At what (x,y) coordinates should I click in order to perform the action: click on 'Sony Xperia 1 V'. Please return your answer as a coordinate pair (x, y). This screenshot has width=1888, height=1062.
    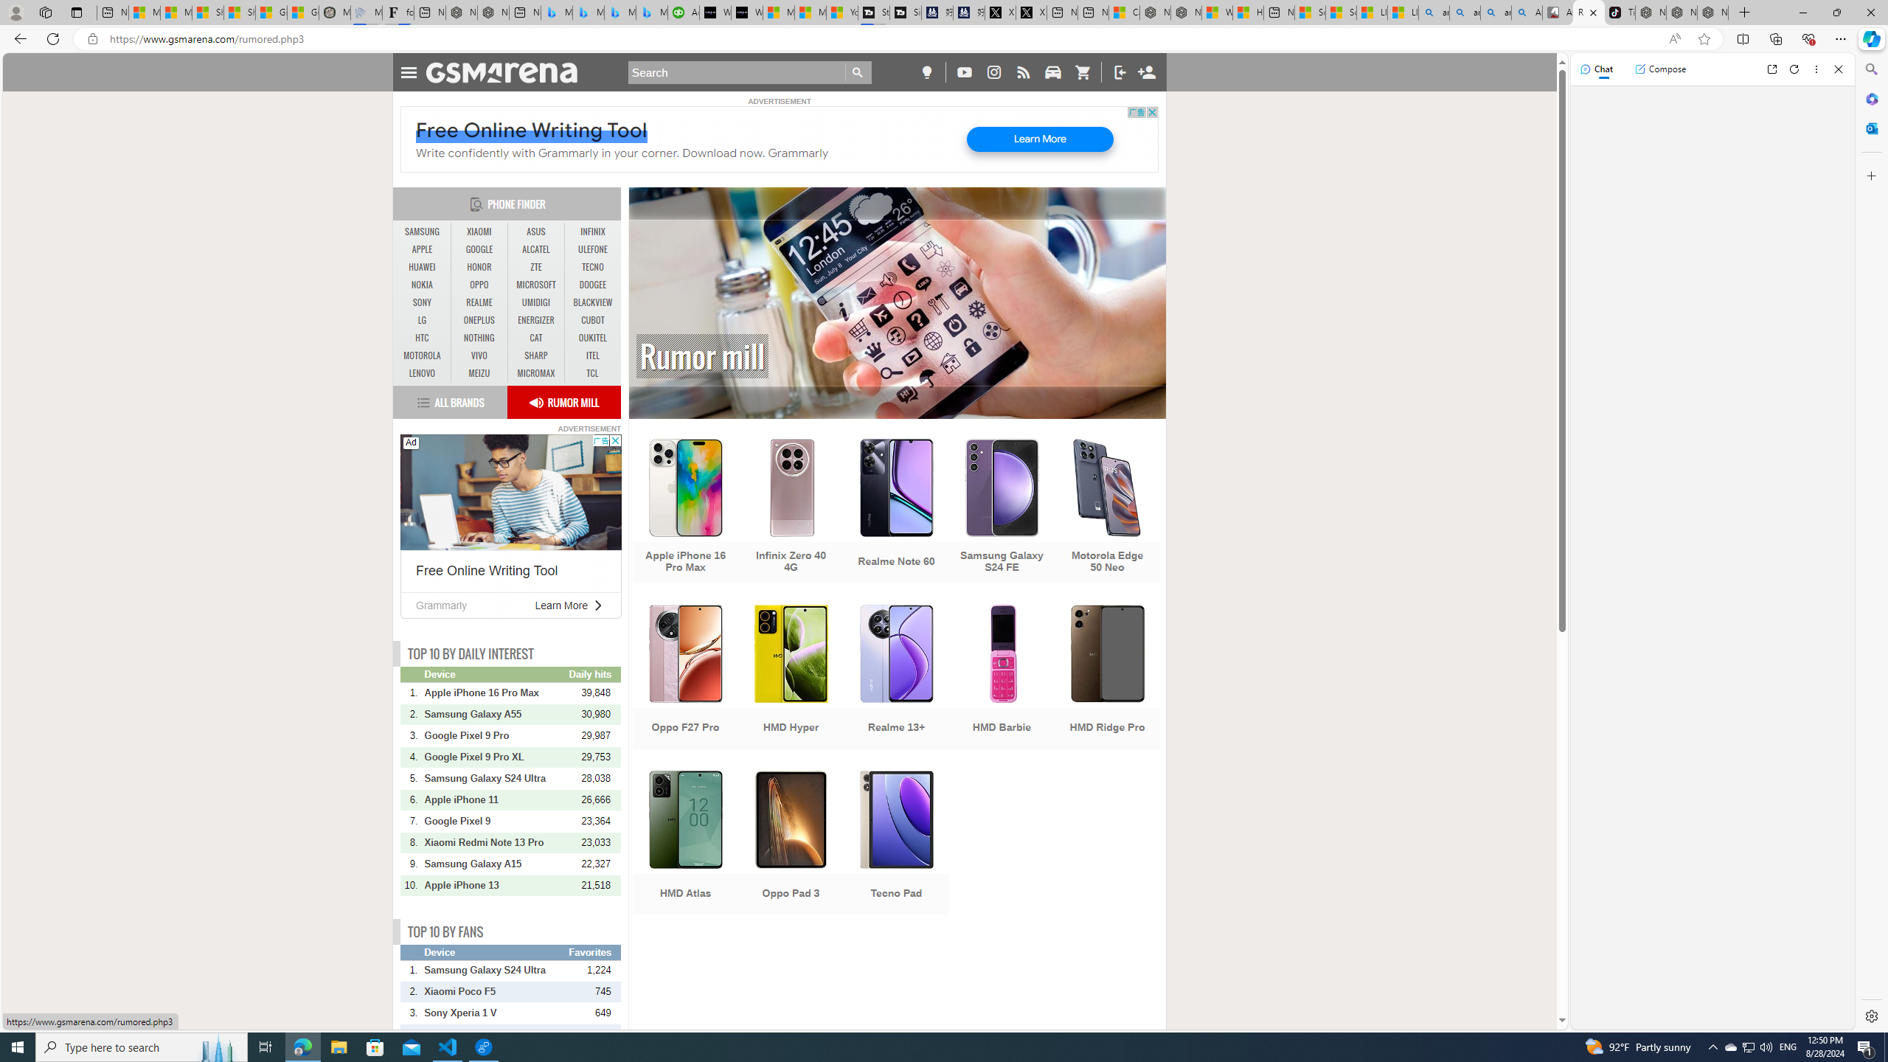
    Looking at the image, I should click on (496, 1012).